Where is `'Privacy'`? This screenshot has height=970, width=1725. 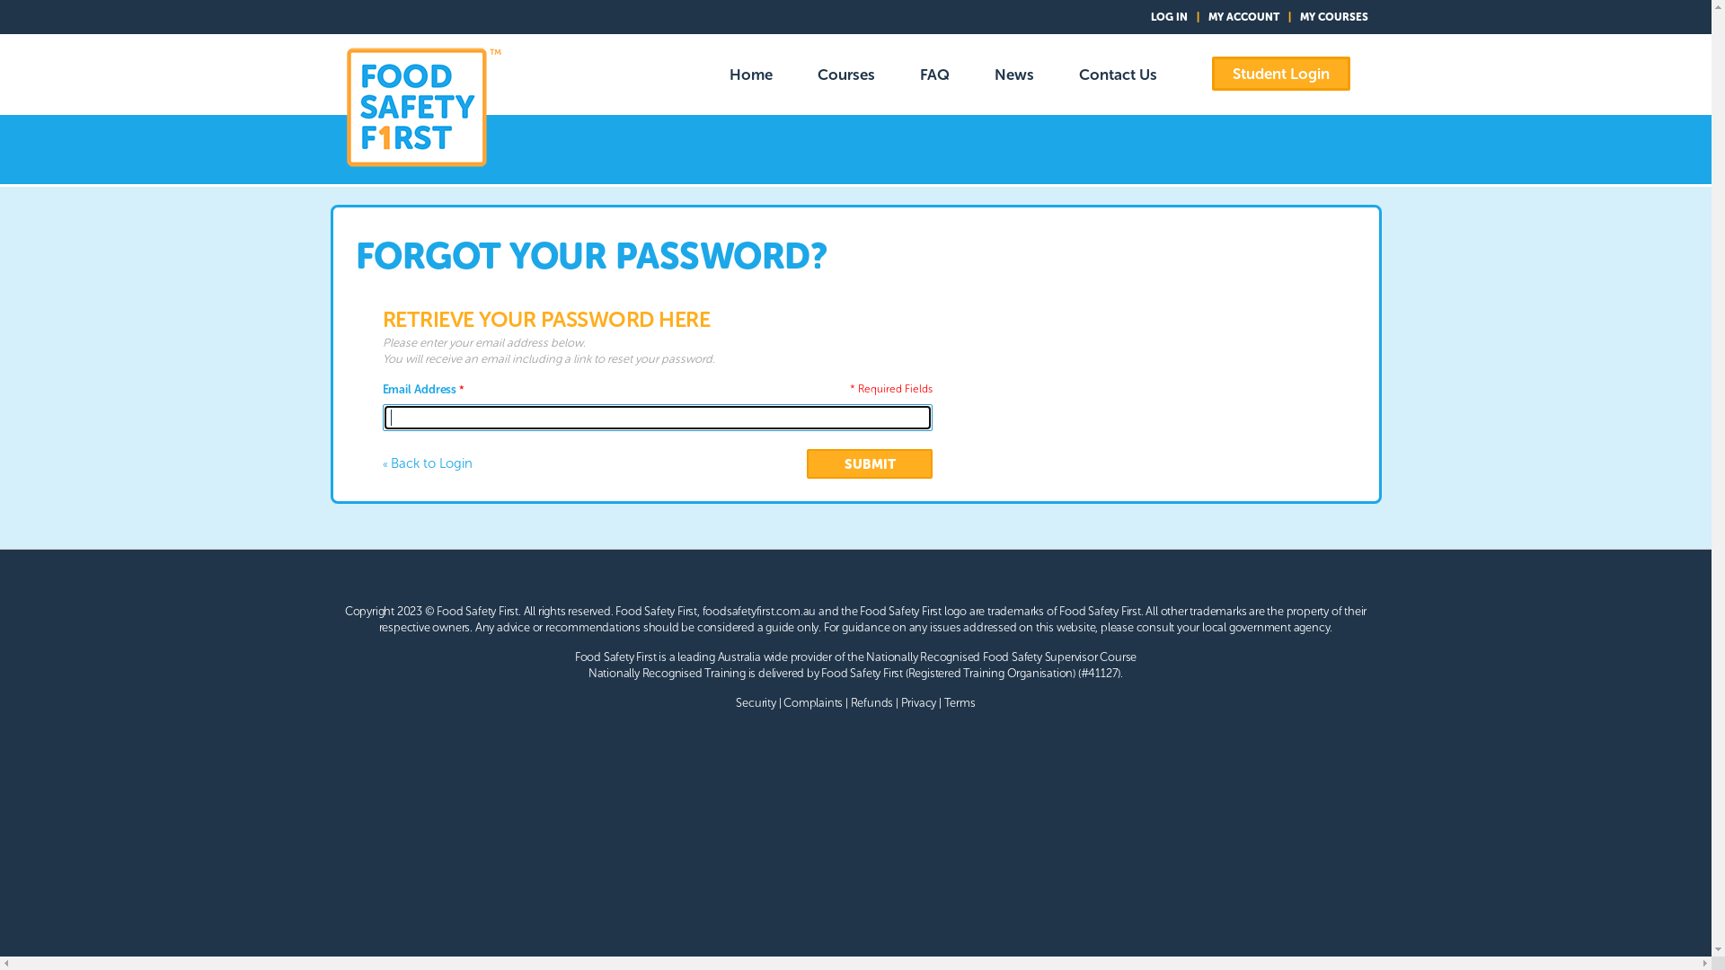
'Privacy' is located at coordinates (918, 701).